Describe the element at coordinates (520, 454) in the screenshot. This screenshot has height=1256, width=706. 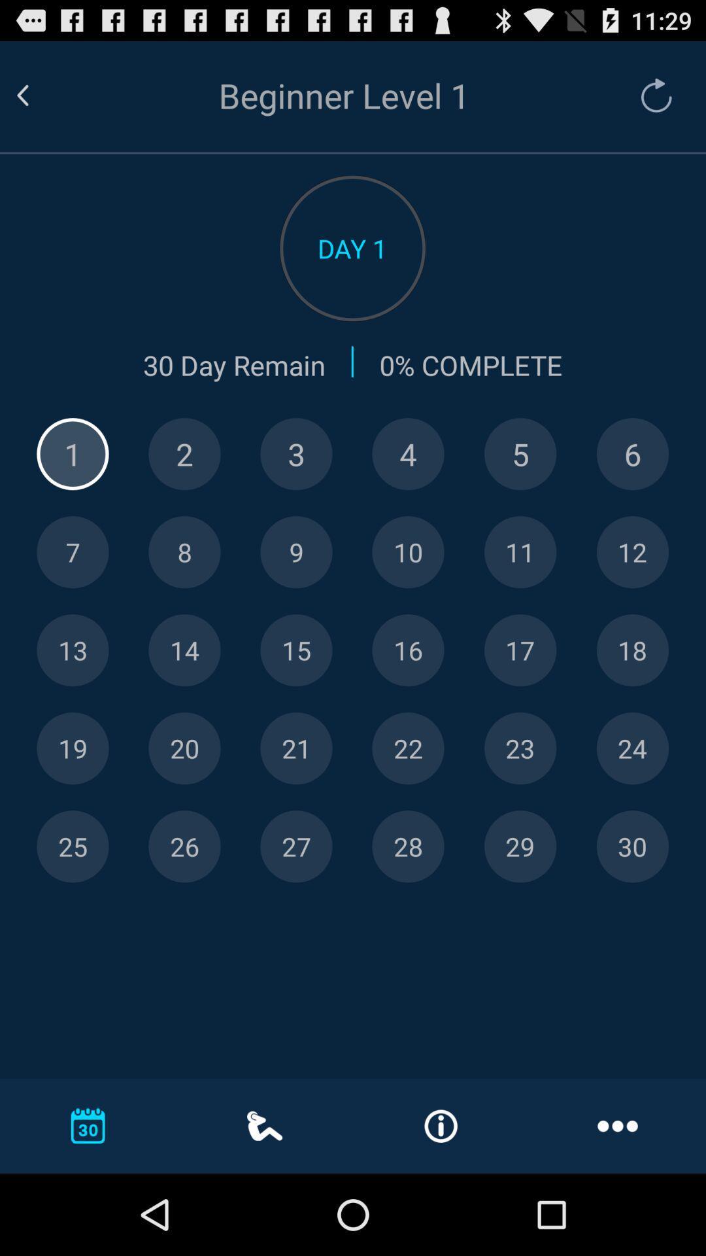
I see `progress button` at that location.